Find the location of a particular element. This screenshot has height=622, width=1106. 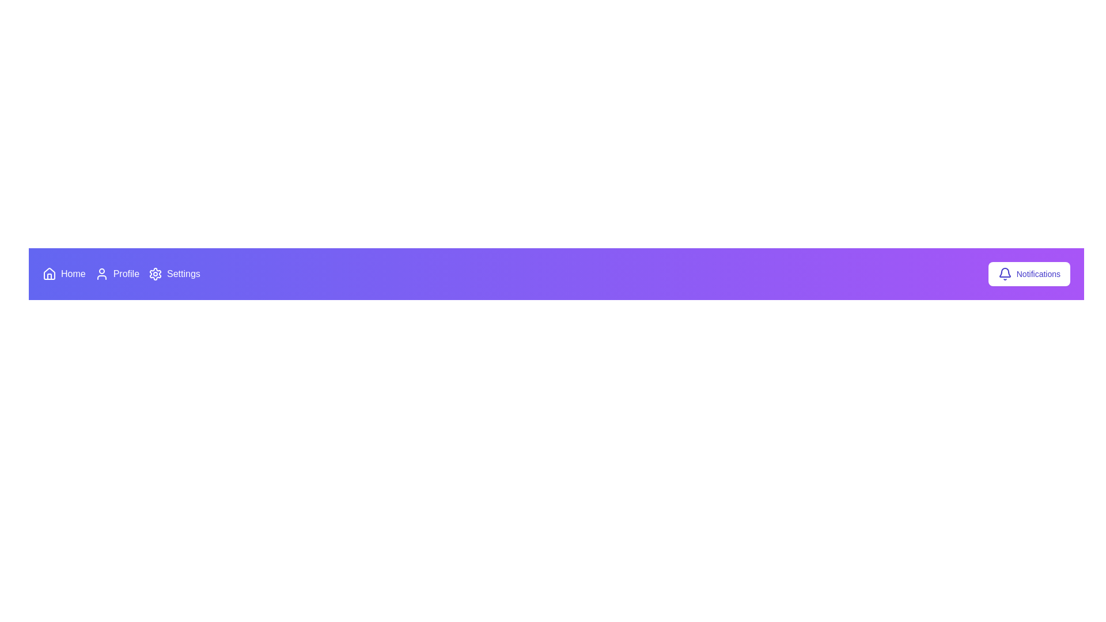

the user profile icon, which is styled with a white color on a purple background, located in the navigation bar between the 'Home' icon and the 'Profile' label is located at coordinates (101, 274).